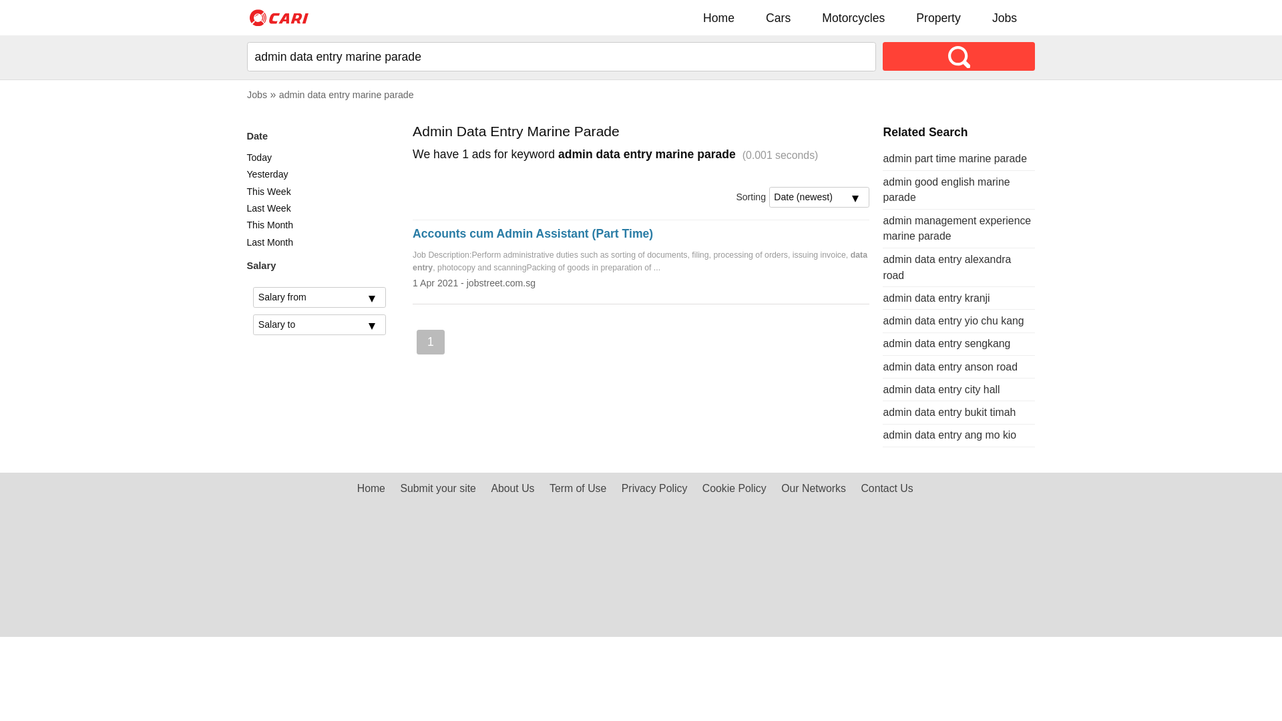 The width and height of the screenshot is (1282, 721). What do you see at coordinates (882, 228) in the screenshot?
I see `'admin management experience marine parade'` at bounding box center [882, 228].